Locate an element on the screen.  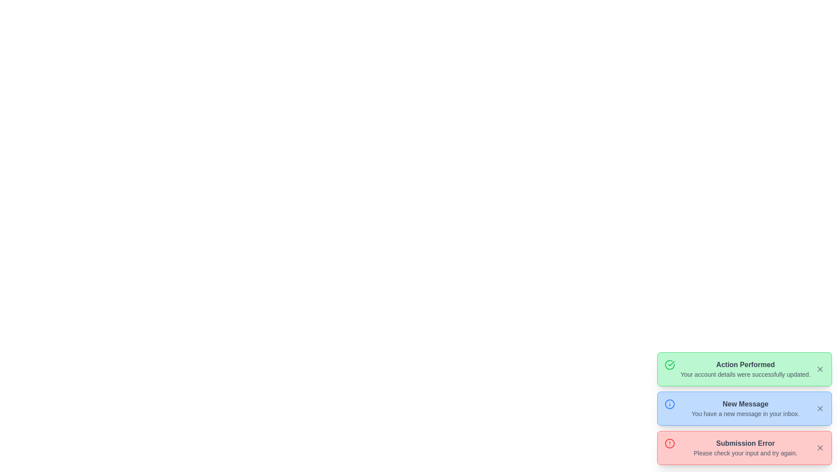
the dismiss button located at the far-right side of the 'Submission Error' message box to trigger tooltip or focus effects is located at coordinates (819, 448).